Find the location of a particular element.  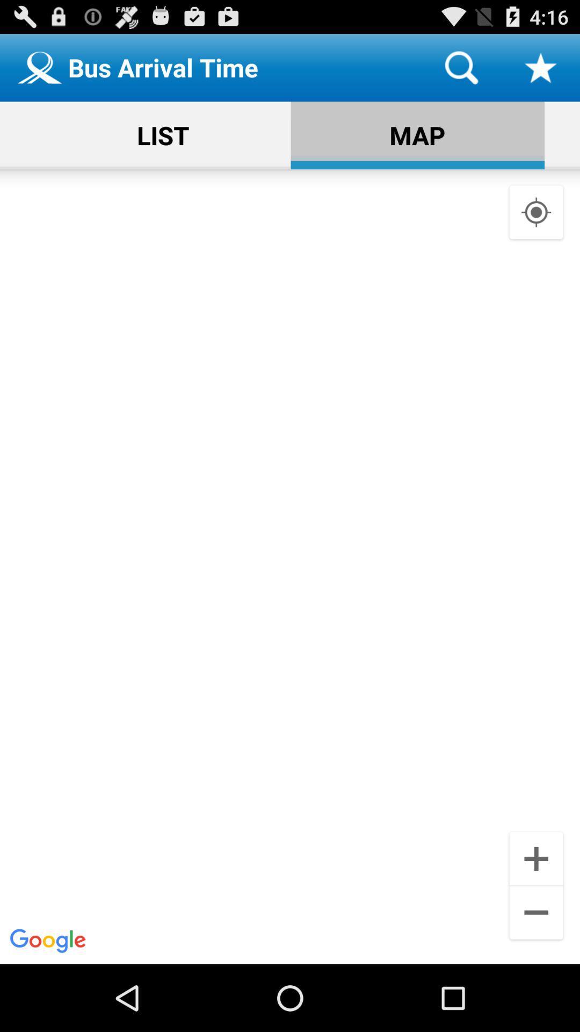

item next to bus arrival time is located at coordinates (461, 67).